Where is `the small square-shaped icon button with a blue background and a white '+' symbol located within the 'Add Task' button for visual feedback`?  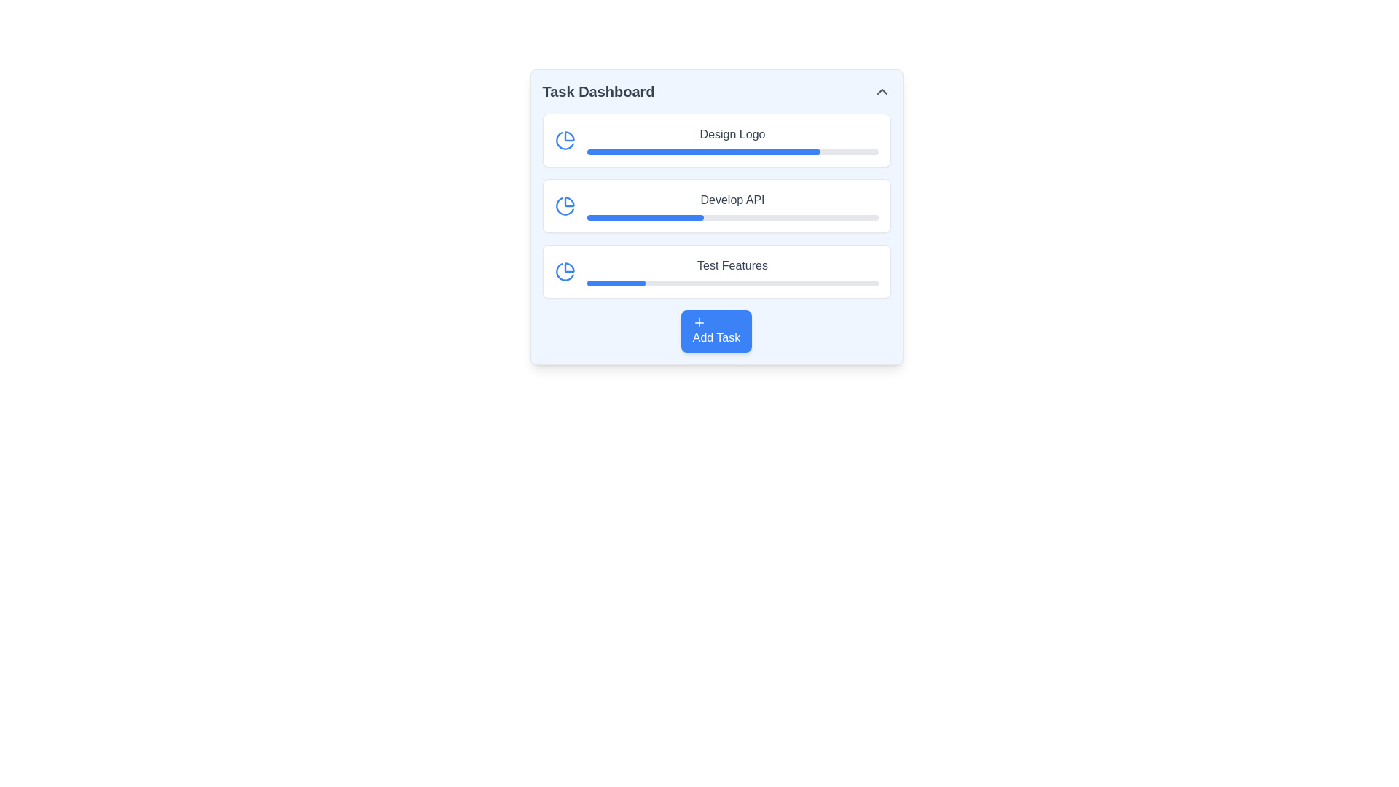 the small square-shaped icon button with a blue background and a white '+' symbol located within the 'Add Task' button for visual feedback is located at coordinates (698, 322).